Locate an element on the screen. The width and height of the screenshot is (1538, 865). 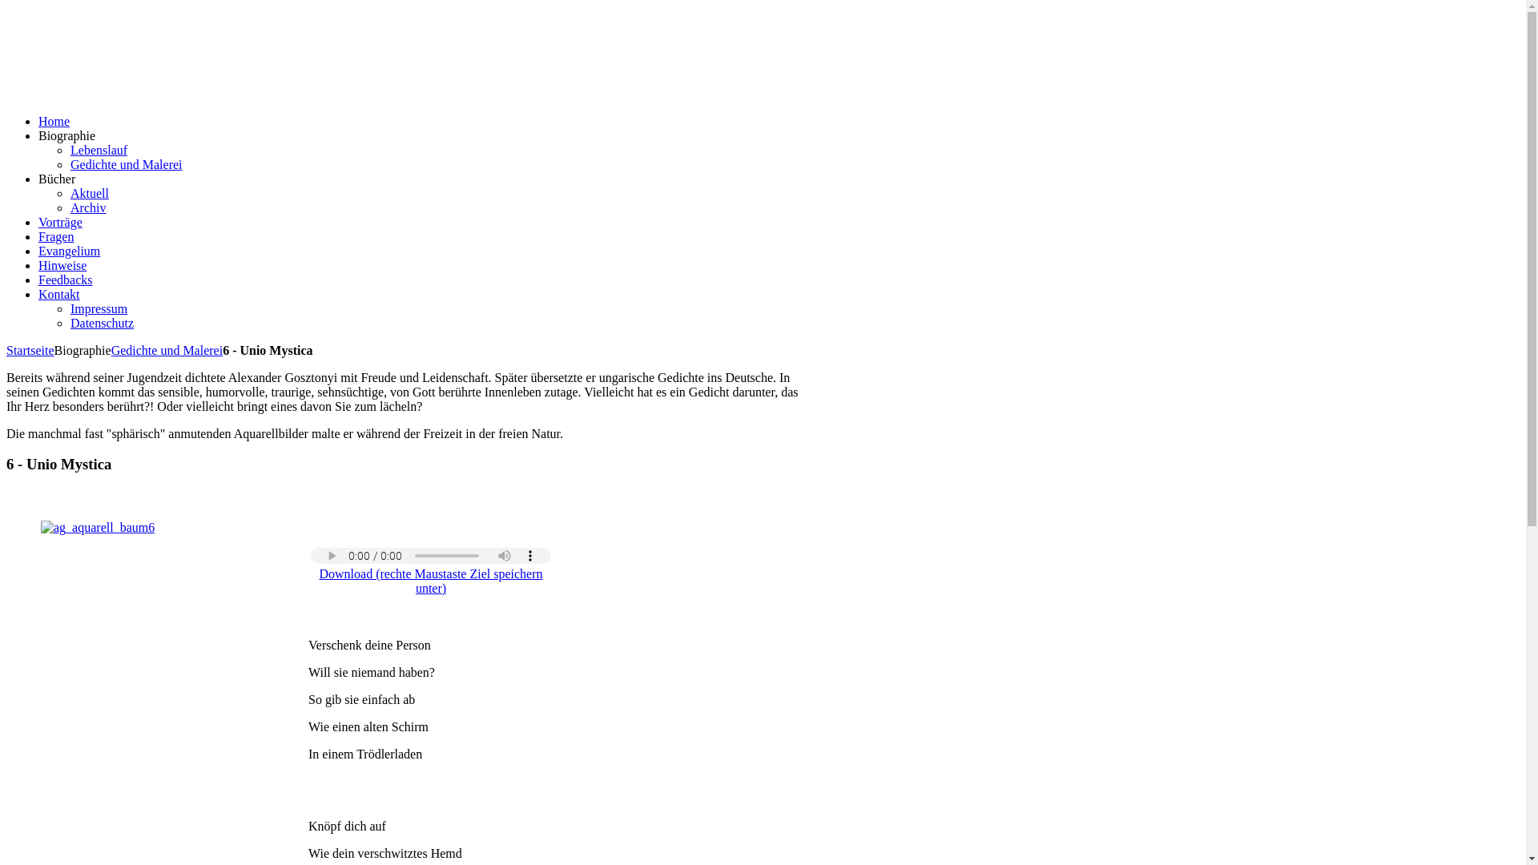
'Fragen' is located at coordinates (56, 236).